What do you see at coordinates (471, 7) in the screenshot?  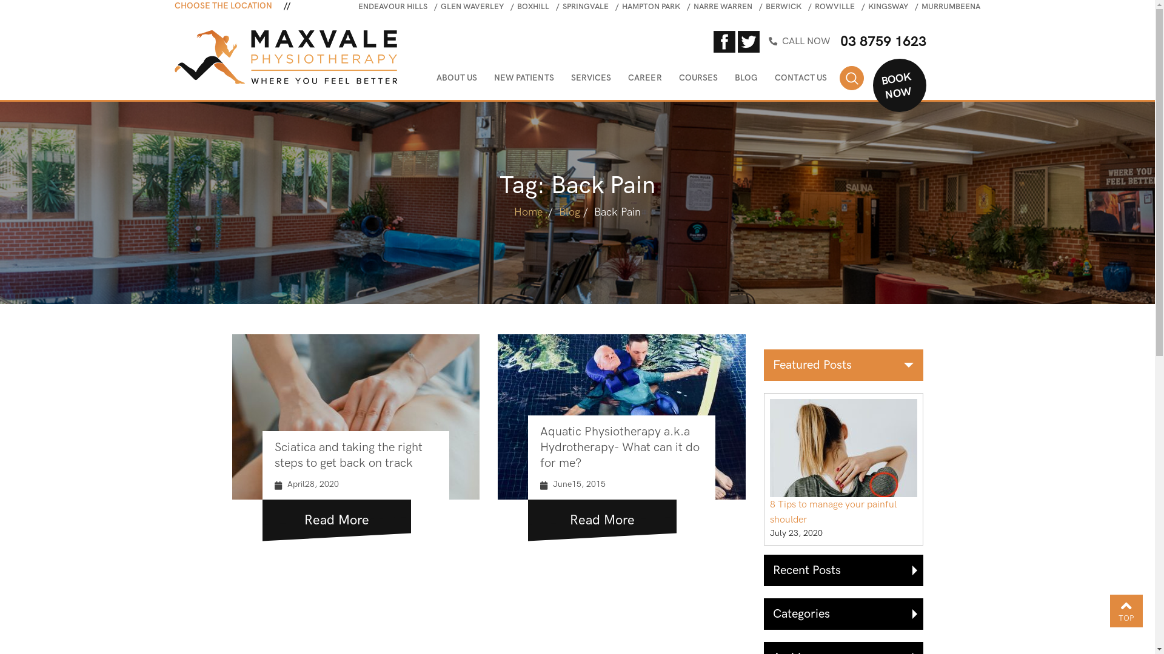 I see `'GLEN WAVERLEY'` at bounding box center [471, 7].